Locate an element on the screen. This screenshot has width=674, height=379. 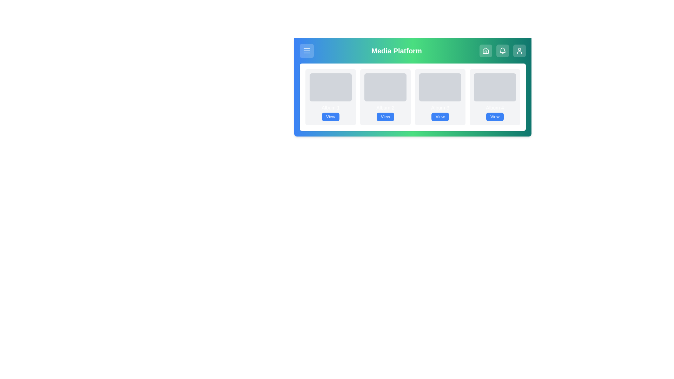
the home button to navigate to the corresponding section is located at coordinates (485, 51).